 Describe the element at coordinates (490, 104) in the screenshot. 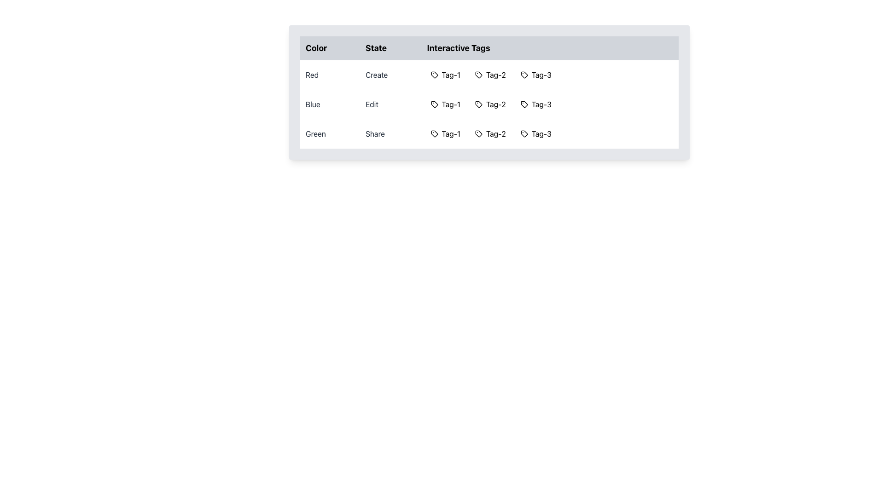

I see `the 'Tag-2' button, which is the second tag in the 'Interactive Tags' column of the row labeled 'Blue' in the table` at that location.